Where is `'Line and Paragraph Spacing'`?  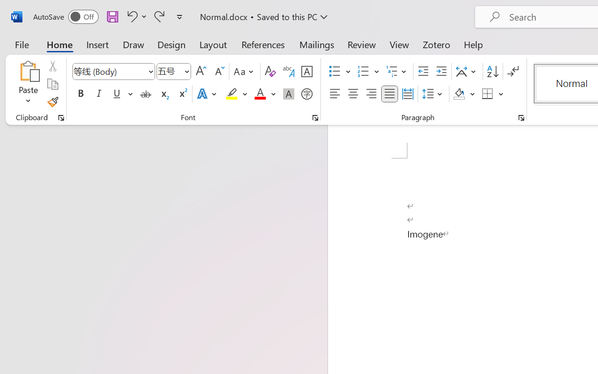
'Line and Paragraph Spacing' is located at coordinates (433, 94).